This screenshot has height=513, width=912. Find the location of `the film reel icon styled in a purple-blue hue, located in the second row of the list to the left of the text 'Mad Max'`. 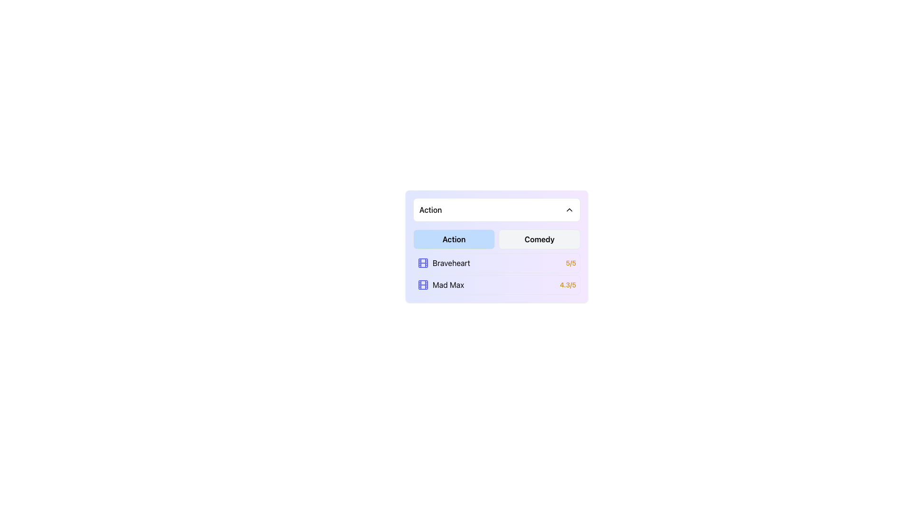

the film reel icon styled in a purple-blue hue, located in the second row of the list to the left of the text 'Mad Max' is located at coordinates (423, 285).